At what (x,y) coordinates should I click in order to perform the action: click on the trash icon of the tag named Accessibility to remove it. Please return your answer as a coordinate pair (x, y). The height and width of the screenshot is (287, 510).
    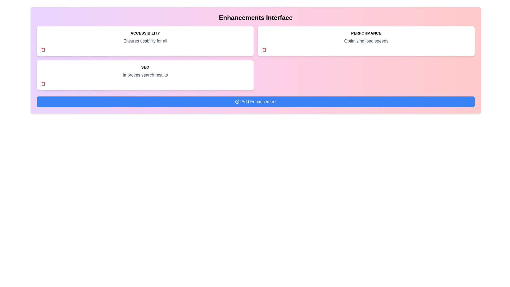
    Looking at the image, I should click on (43, 49).